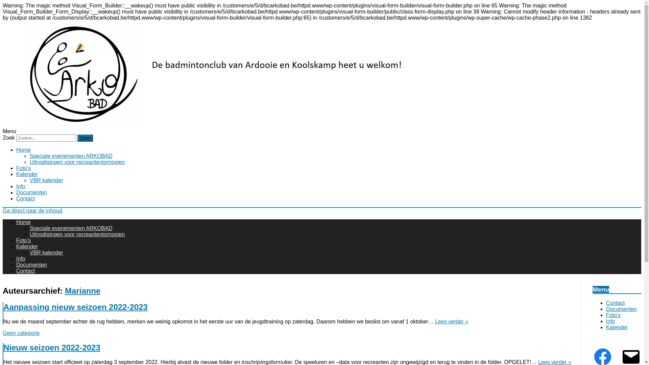  I want to click on 'Home', so click(23, 149).